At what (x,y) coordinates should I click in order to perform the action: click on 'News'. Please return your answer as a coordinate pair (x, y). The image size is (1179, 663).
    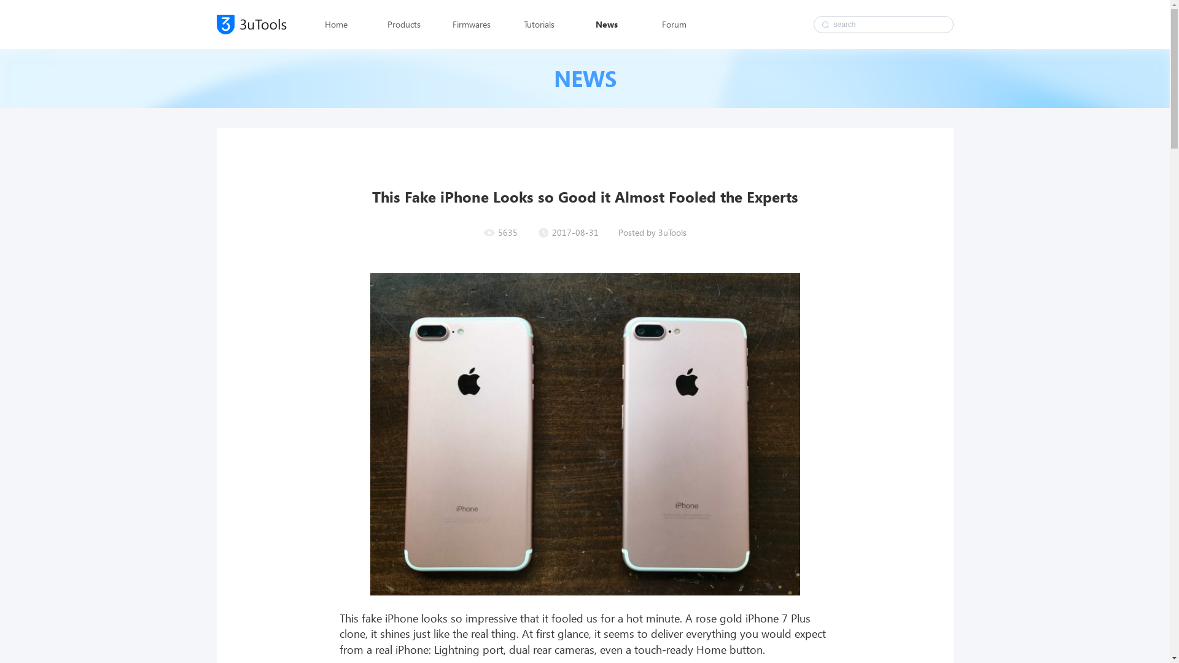
    Looking at the image, I should click on (583, 24).